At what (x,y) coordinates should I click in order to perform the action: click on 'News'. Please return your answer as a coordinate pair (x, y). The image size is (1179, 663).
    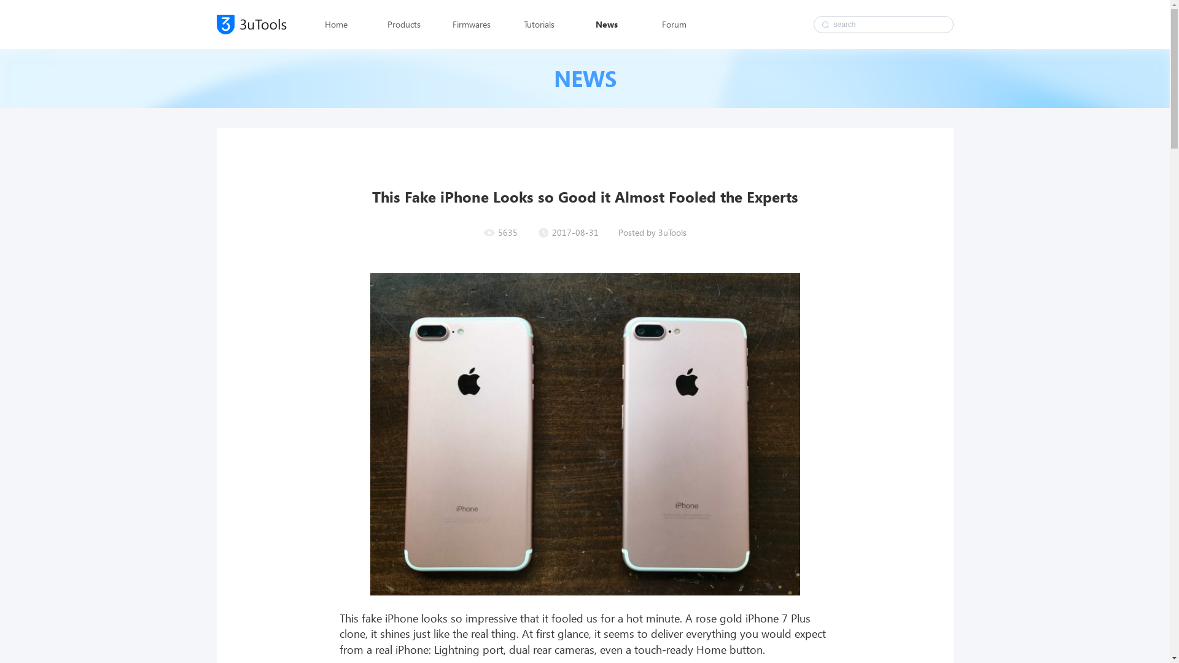
    Looking at the image, I should click on (583, 24).